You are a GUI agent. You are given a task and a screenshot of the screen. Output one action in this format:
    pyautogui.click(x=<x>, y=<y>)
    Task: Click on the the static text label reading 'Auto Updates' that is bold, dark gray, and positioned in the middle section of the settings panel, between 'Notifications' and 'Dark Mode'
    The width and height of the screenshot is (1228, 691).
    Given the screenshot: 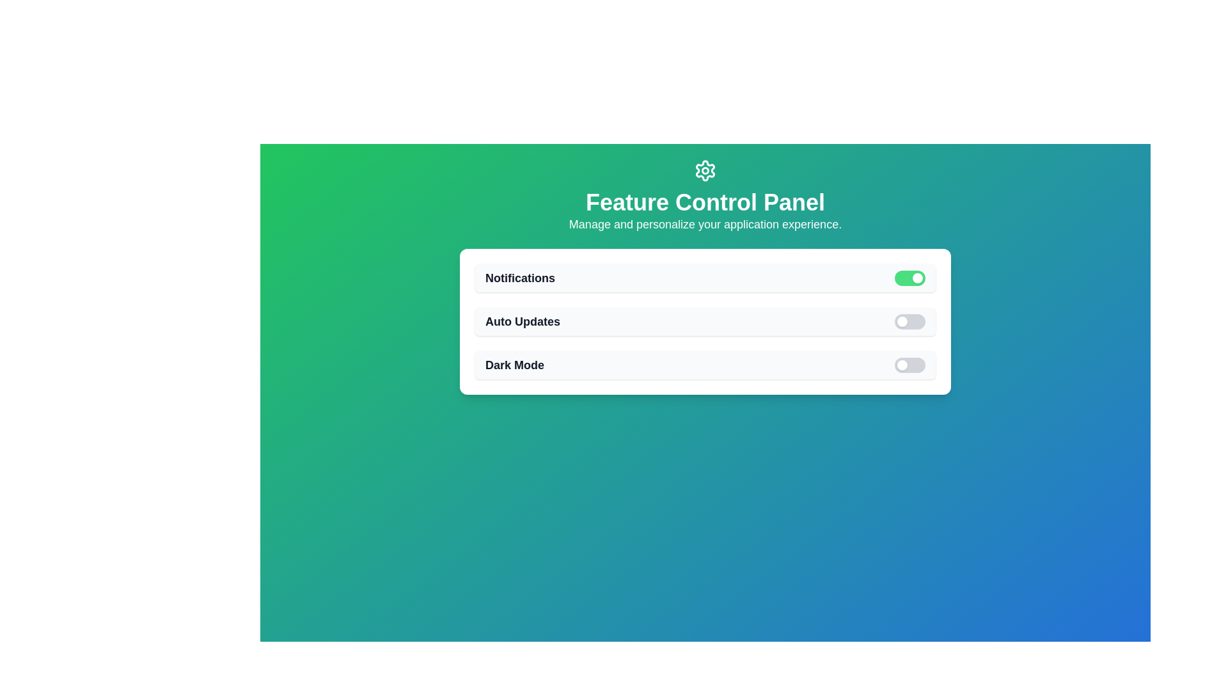 What is the action you would take?
    pyautogui.click(x=523, y=321)
    